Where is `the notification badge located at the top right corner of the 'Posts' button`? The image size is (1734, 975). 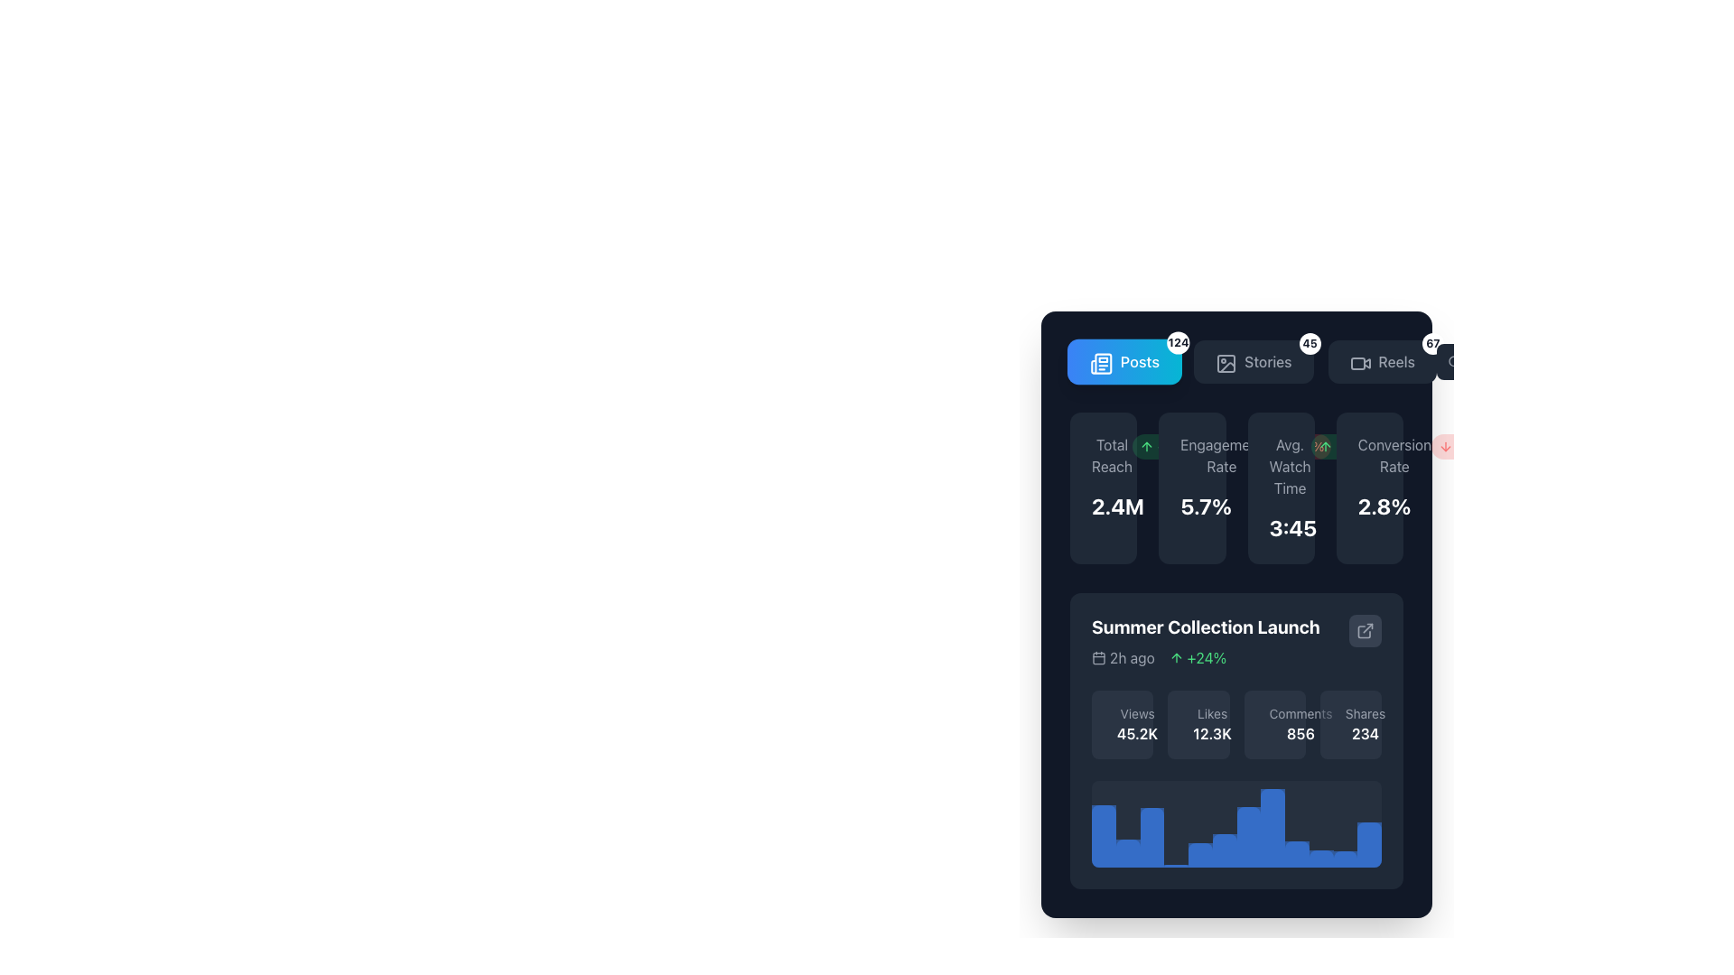
the notification badge located at the top right corner of the 'Posts' button is located at coordinates (1179, 343).